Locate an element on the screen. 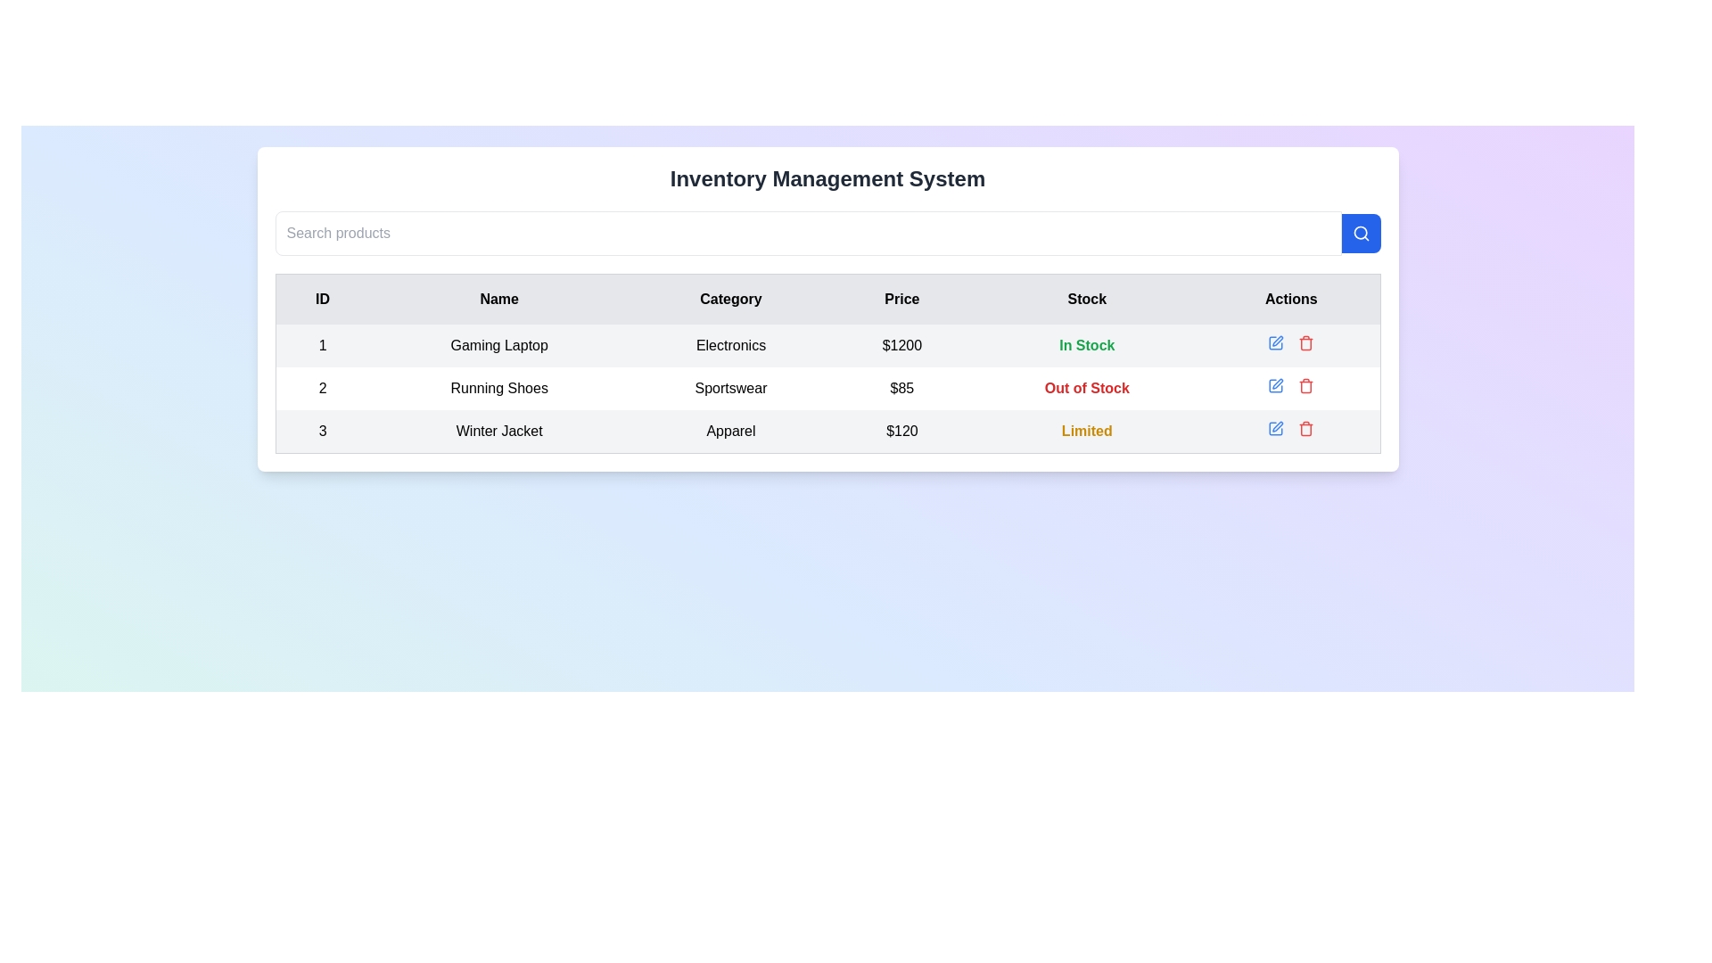 This screenshot has width=1712, height=963. the SVG icon representing the square outline with a pen shape overlay in the 'Actions' column of the third row for 'Winter Jacket' to enhance accessibility tools is located at coordinates (1275, 429).